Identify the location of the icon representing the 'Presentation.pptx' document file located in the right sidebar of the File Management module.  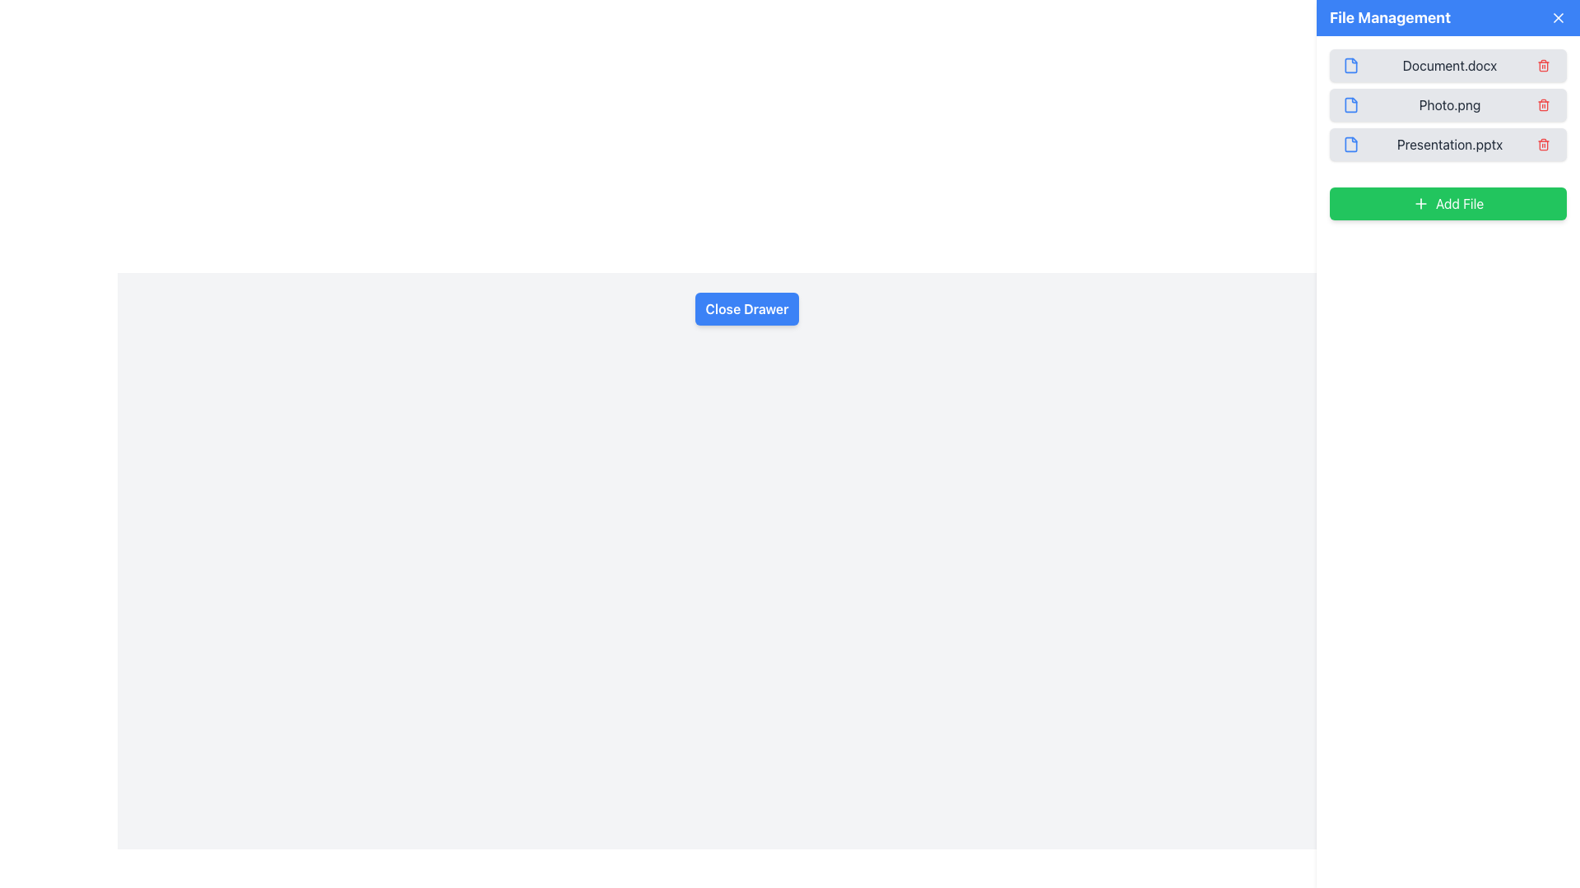
(1350, 144).